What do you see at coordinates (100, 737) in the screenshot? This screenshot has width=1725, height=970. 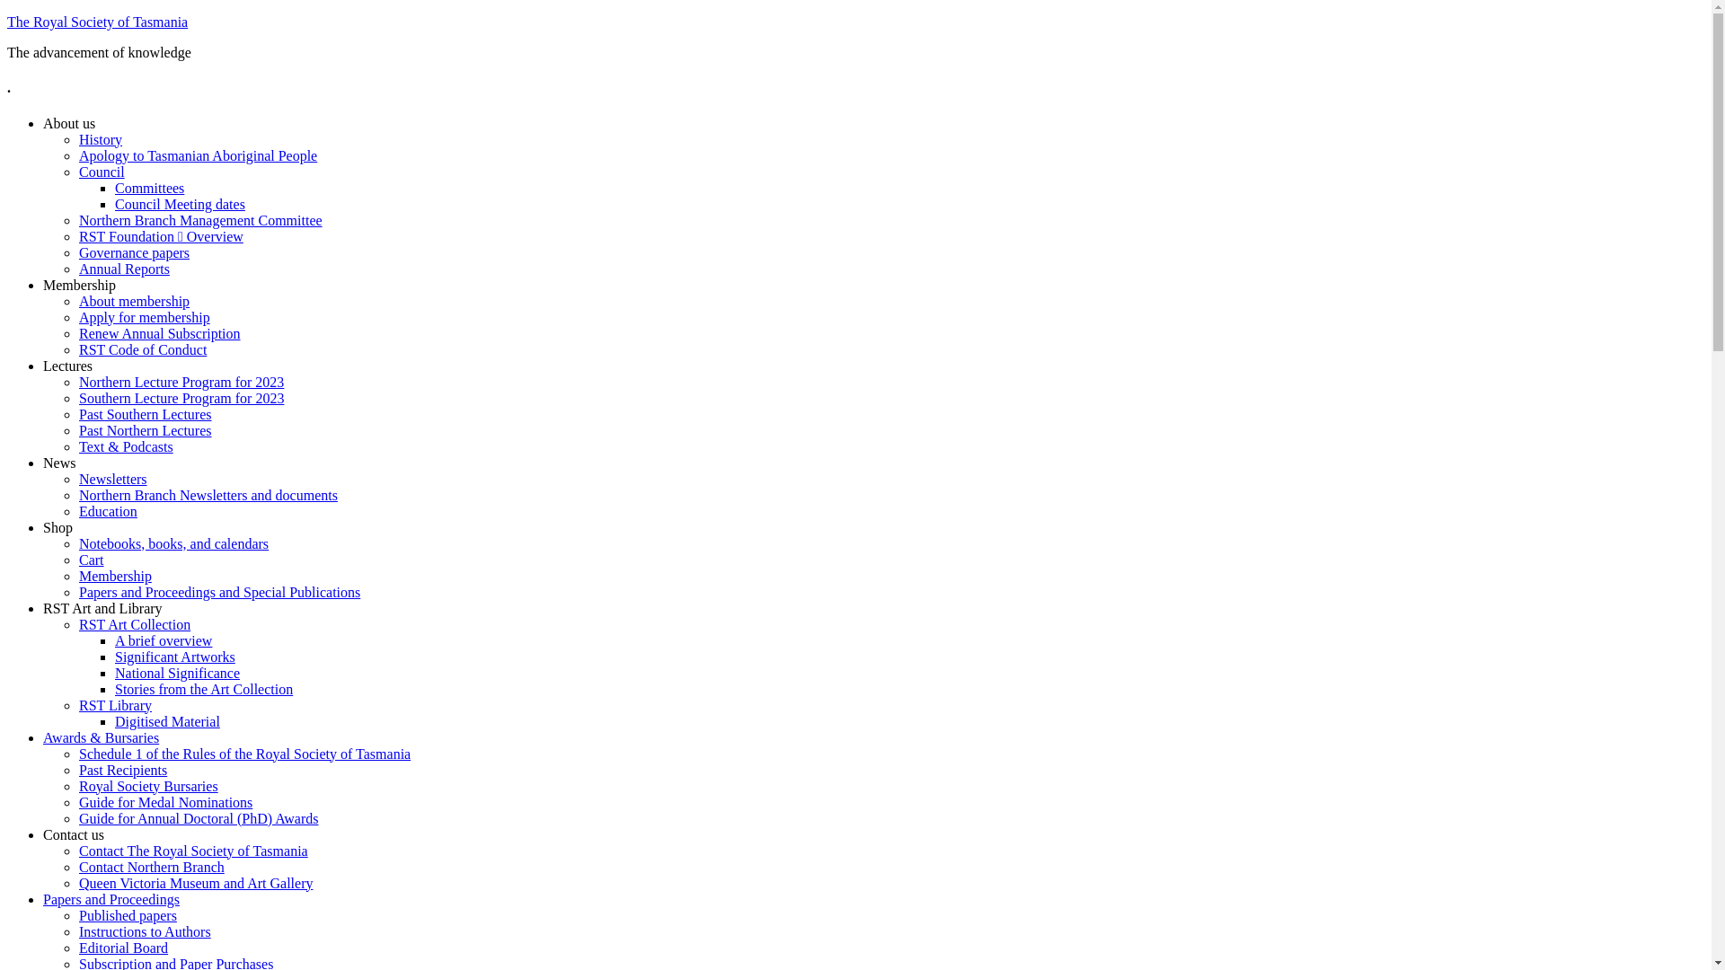 I see `'Awards & Bursaries'` at bounding box center [100, 737].